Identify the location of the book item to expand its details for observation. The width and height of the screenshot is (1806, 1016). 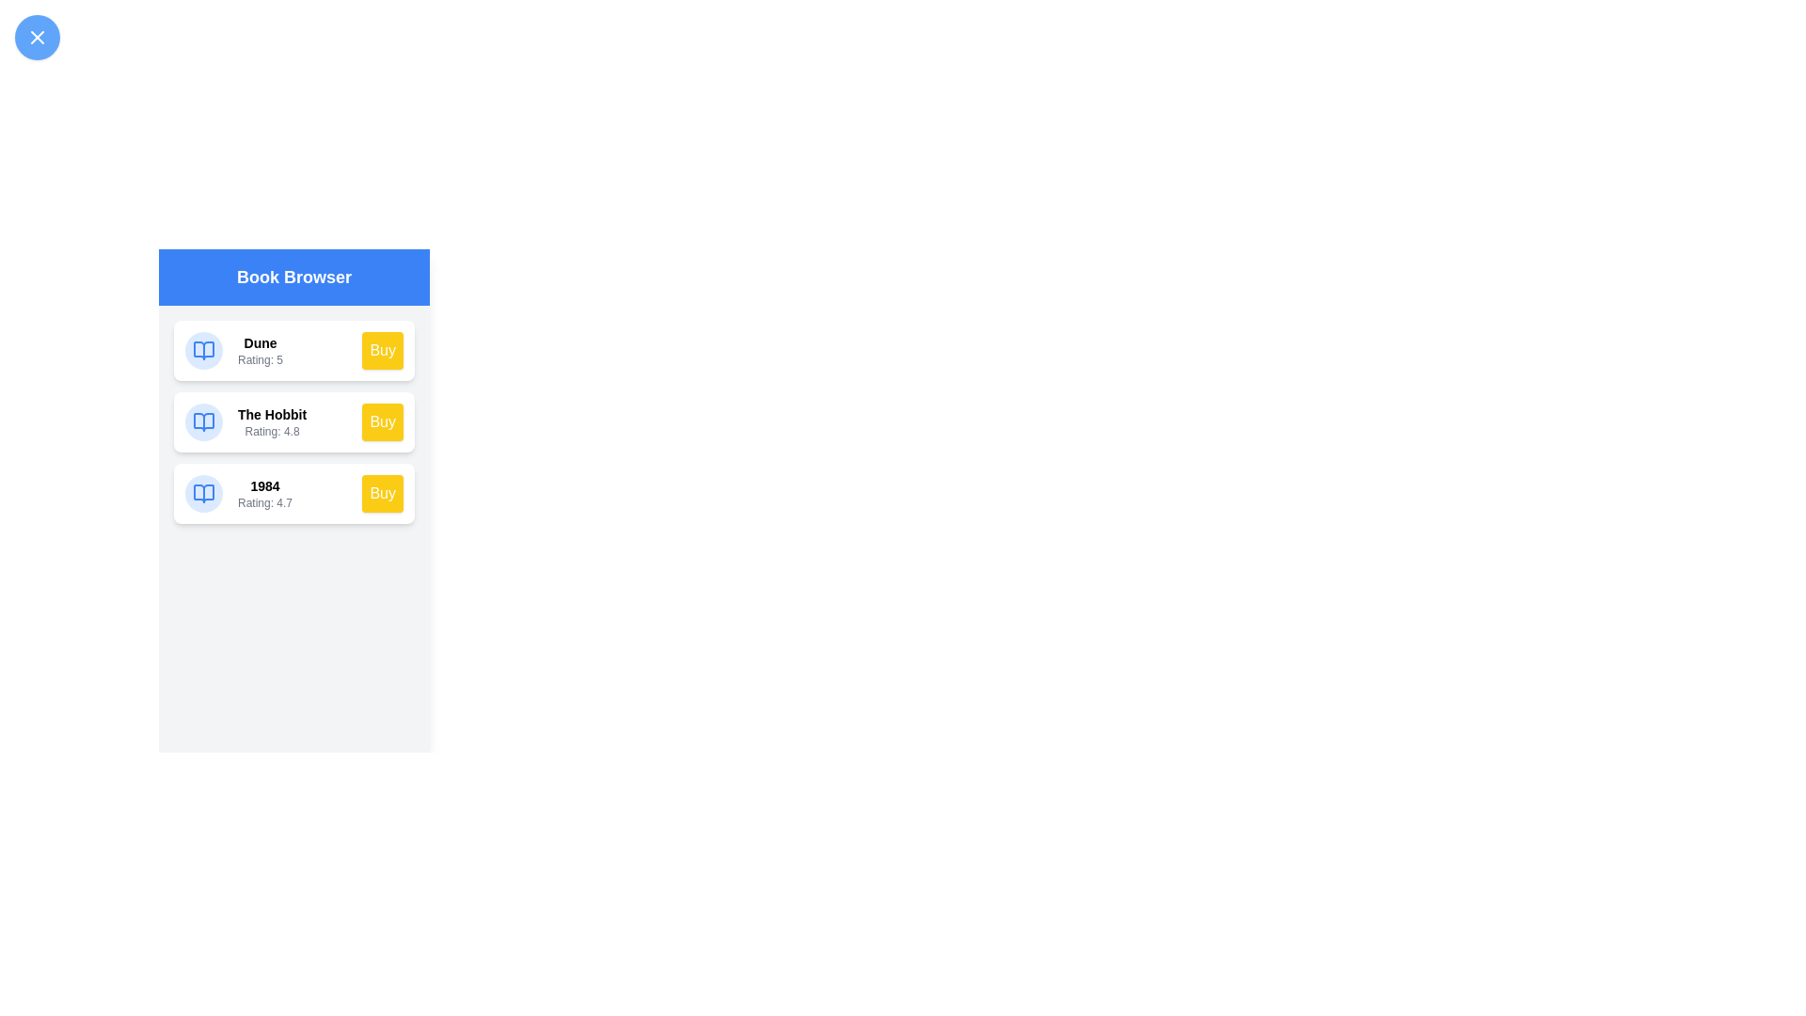
(203, 351).